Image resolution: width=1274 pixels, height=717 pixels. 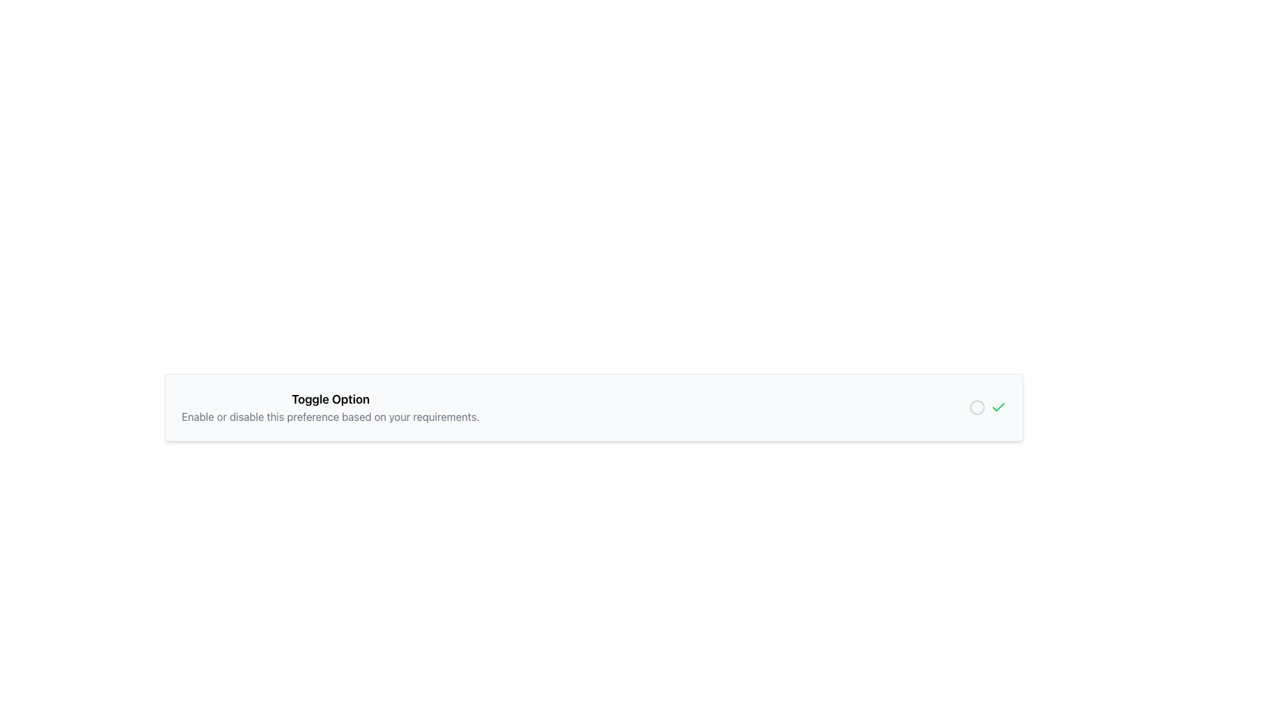 I want to click on green checkmark icon within the circular icon located at the far right of the 'Toggle Option' interface component, so click(x=999, y=406).